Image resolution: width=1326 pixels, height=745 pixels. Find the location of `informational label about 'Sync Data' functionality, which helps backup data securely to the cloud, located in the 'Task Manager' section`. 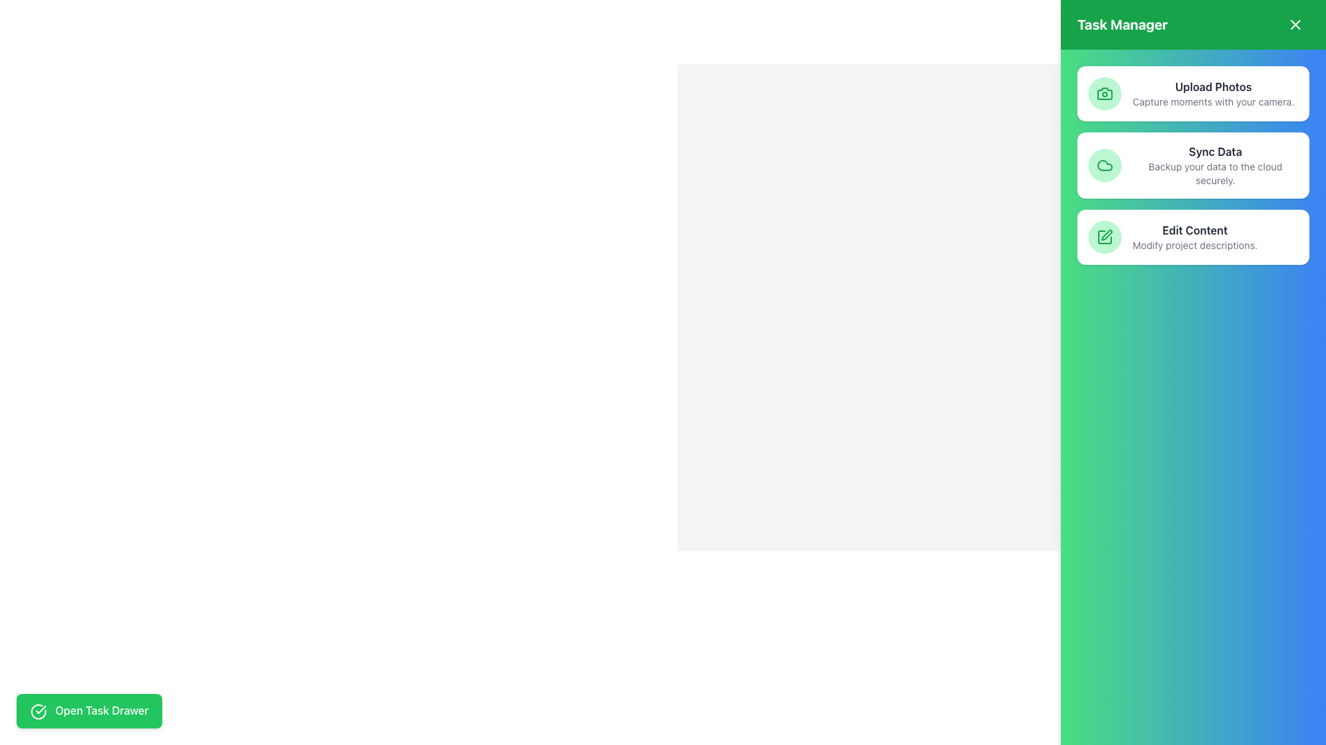

informational label about 'Sync Data' functionality, which helps backup data securely to the cloud, located in the 'Task Manager' section is located at coordinates (1215, 164).